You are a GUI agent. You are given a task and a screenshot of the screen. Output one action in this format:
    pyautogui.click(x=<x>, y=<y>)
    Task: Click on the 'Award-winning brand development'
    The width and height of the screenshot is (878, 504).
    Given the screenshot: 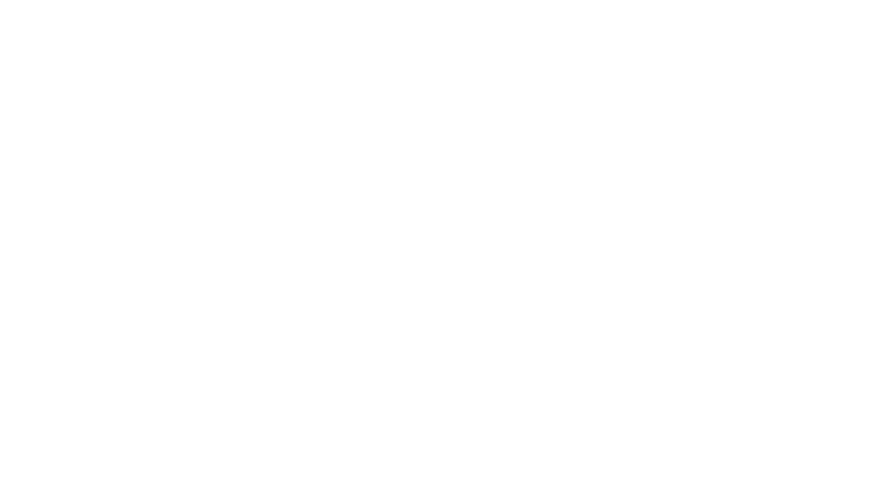 What is the action you would take?
    pyautogui.click(x=206, y=160)
    